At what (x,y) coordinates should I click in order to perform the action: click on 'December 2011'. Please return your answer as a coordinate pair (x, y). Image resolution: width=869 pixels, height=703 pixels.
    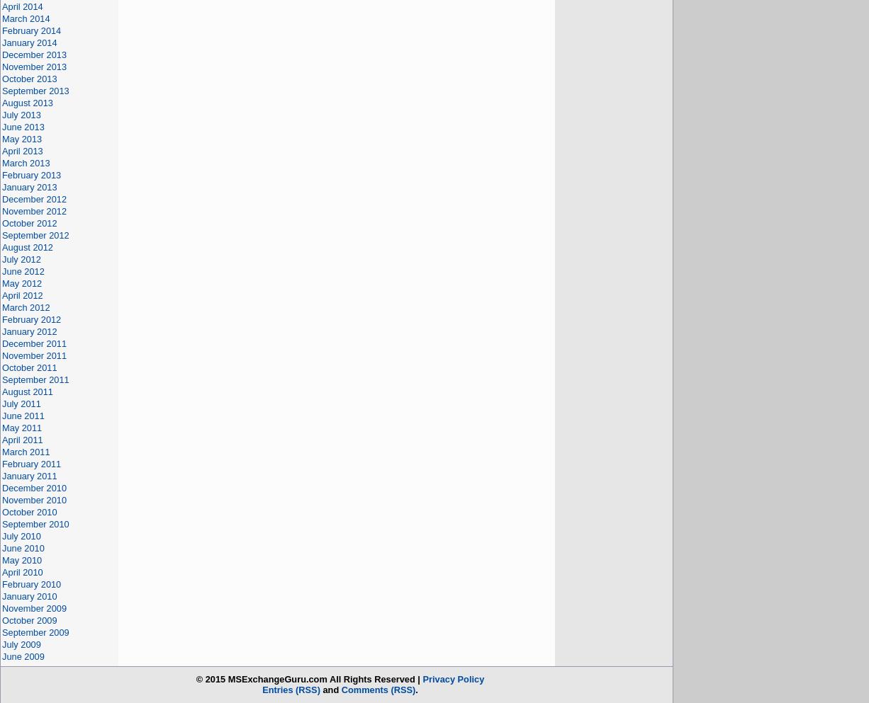
    Looking at the image, I should click on (1, 343).